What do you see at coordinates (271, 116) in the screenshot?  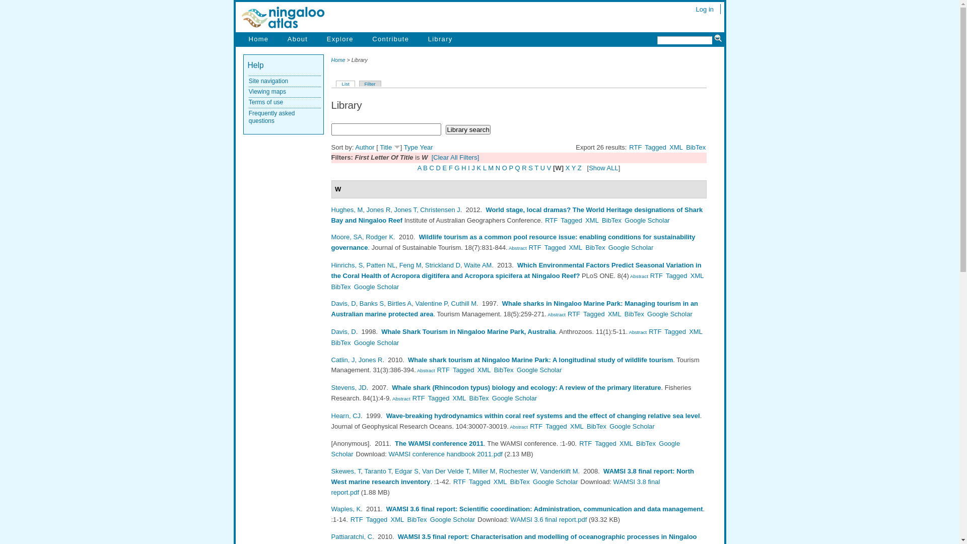 I see `'Frequently asked questions'` at bounding box center [271, 116].